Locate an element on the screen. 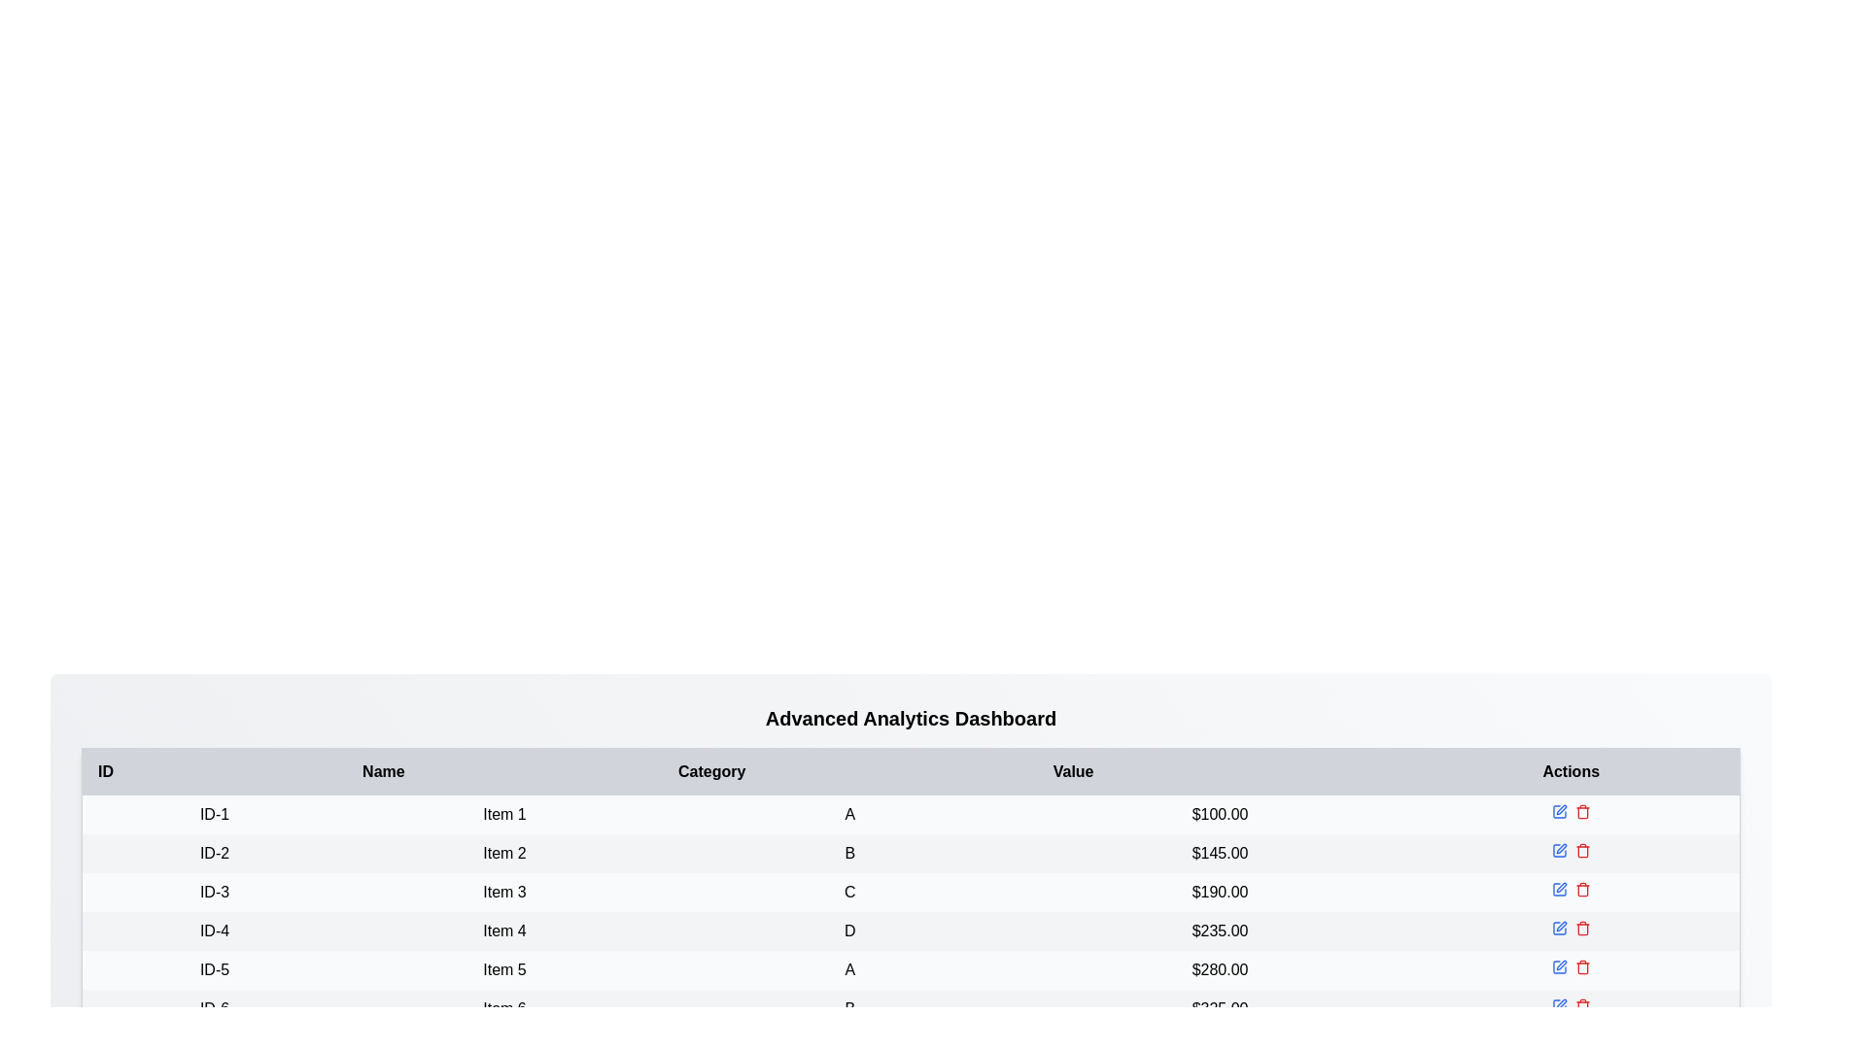  the table header to sort by Value is located at coordinates (1219, 770).